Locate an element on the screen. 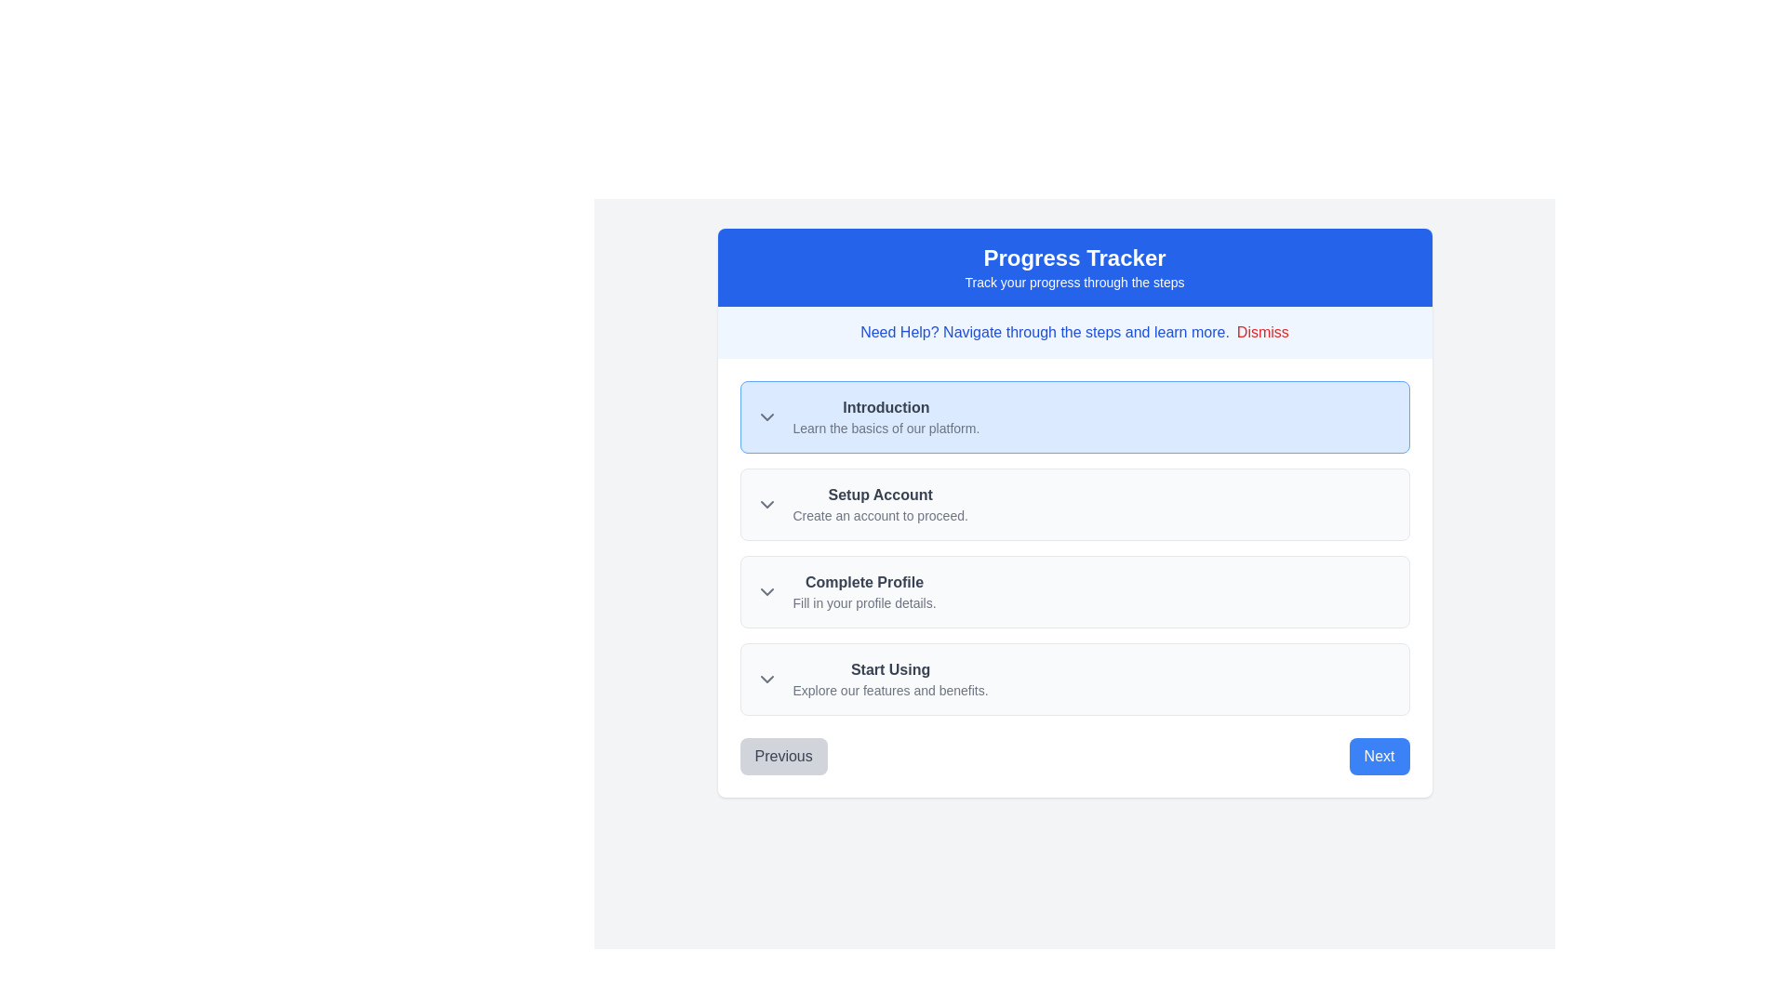 The image size is (1786, 1004). informational text from the banner located below the 'Progress Tracker' section, providing guidance on navigating through the steps of the process is located at coordinates (1074, 332).